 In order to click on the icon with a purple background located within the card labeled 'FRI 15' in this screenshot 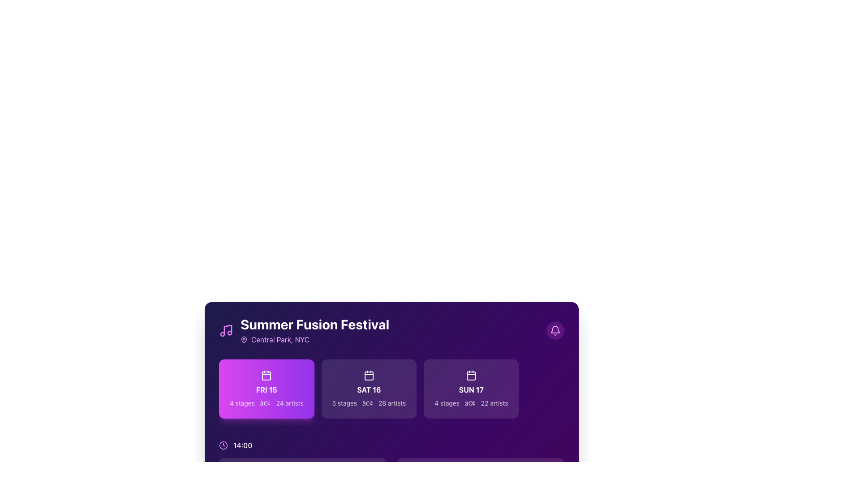, I will do `click(266, 376)`.